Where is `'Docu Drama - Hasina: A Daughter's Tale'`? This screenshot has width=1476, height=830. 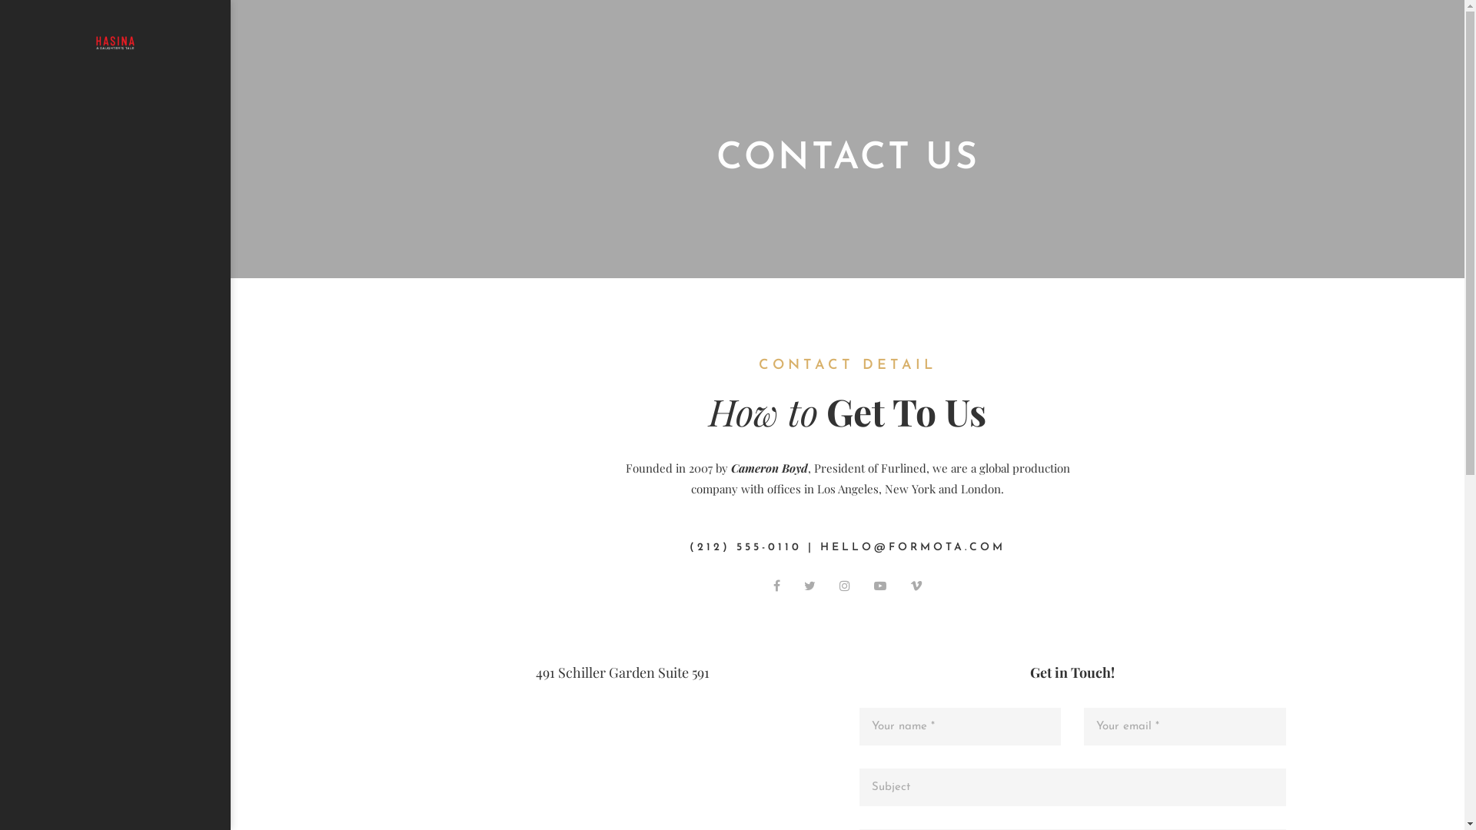
'Docu Drama - Hasina: A Daughter's Tale' is located at coordinates (114, 41).